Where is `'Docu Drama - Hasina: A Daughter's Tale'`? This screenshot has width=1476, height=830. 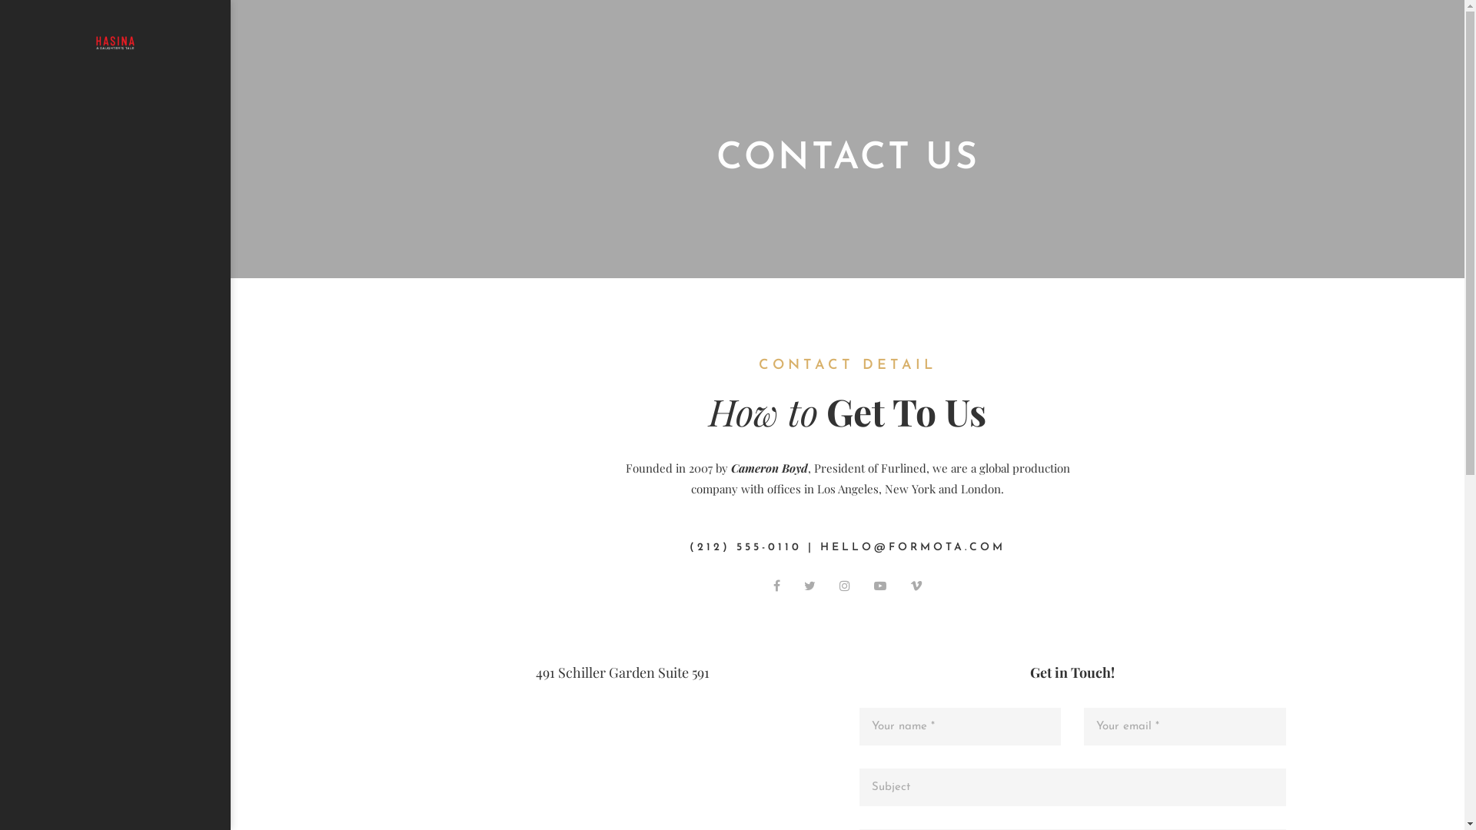
'Docu Drama - Hasina: A Daughter's Tale' is located at coordinates (114, 41).